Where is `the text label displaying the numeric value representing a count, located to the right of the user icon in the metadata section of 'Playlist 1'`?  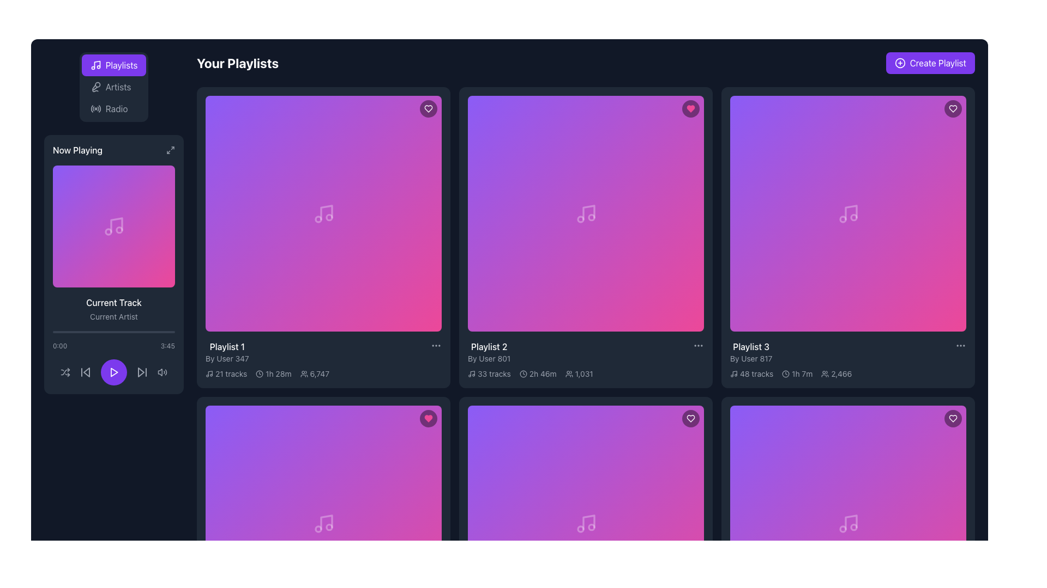
the text label displaying the numeric value representing a count, located to the right of the user icon in the metadata section of 'Playlist 1' is located at coordinates (319, 373).